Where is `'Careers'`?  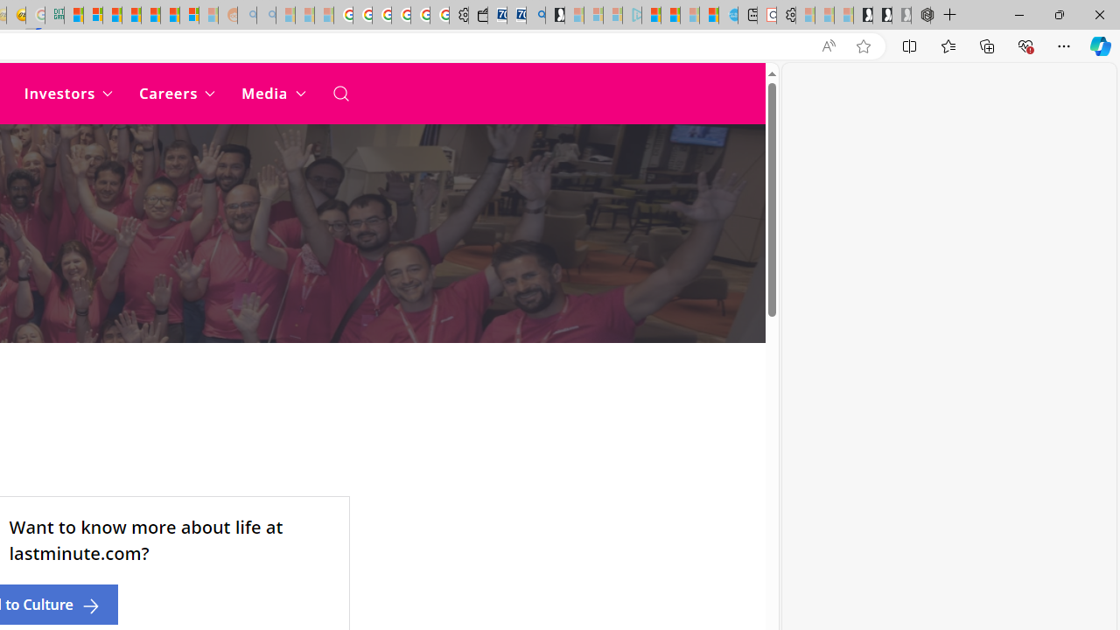
'Careers' is located at coordinates (177, 93).